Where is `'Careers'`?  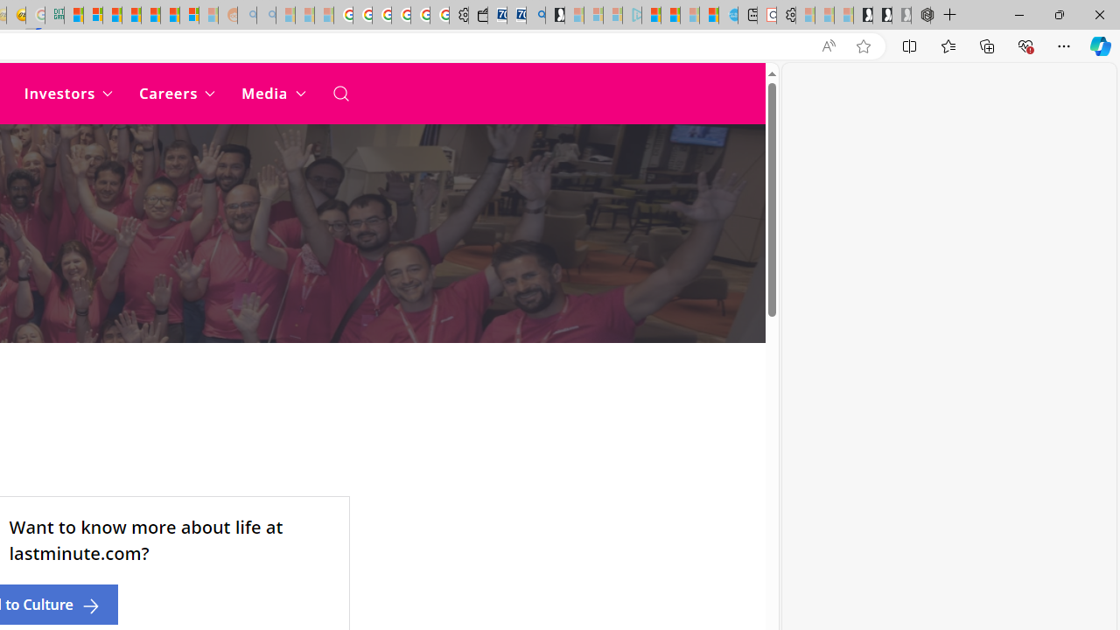
'Careers' is located at coordinates (177, 93).